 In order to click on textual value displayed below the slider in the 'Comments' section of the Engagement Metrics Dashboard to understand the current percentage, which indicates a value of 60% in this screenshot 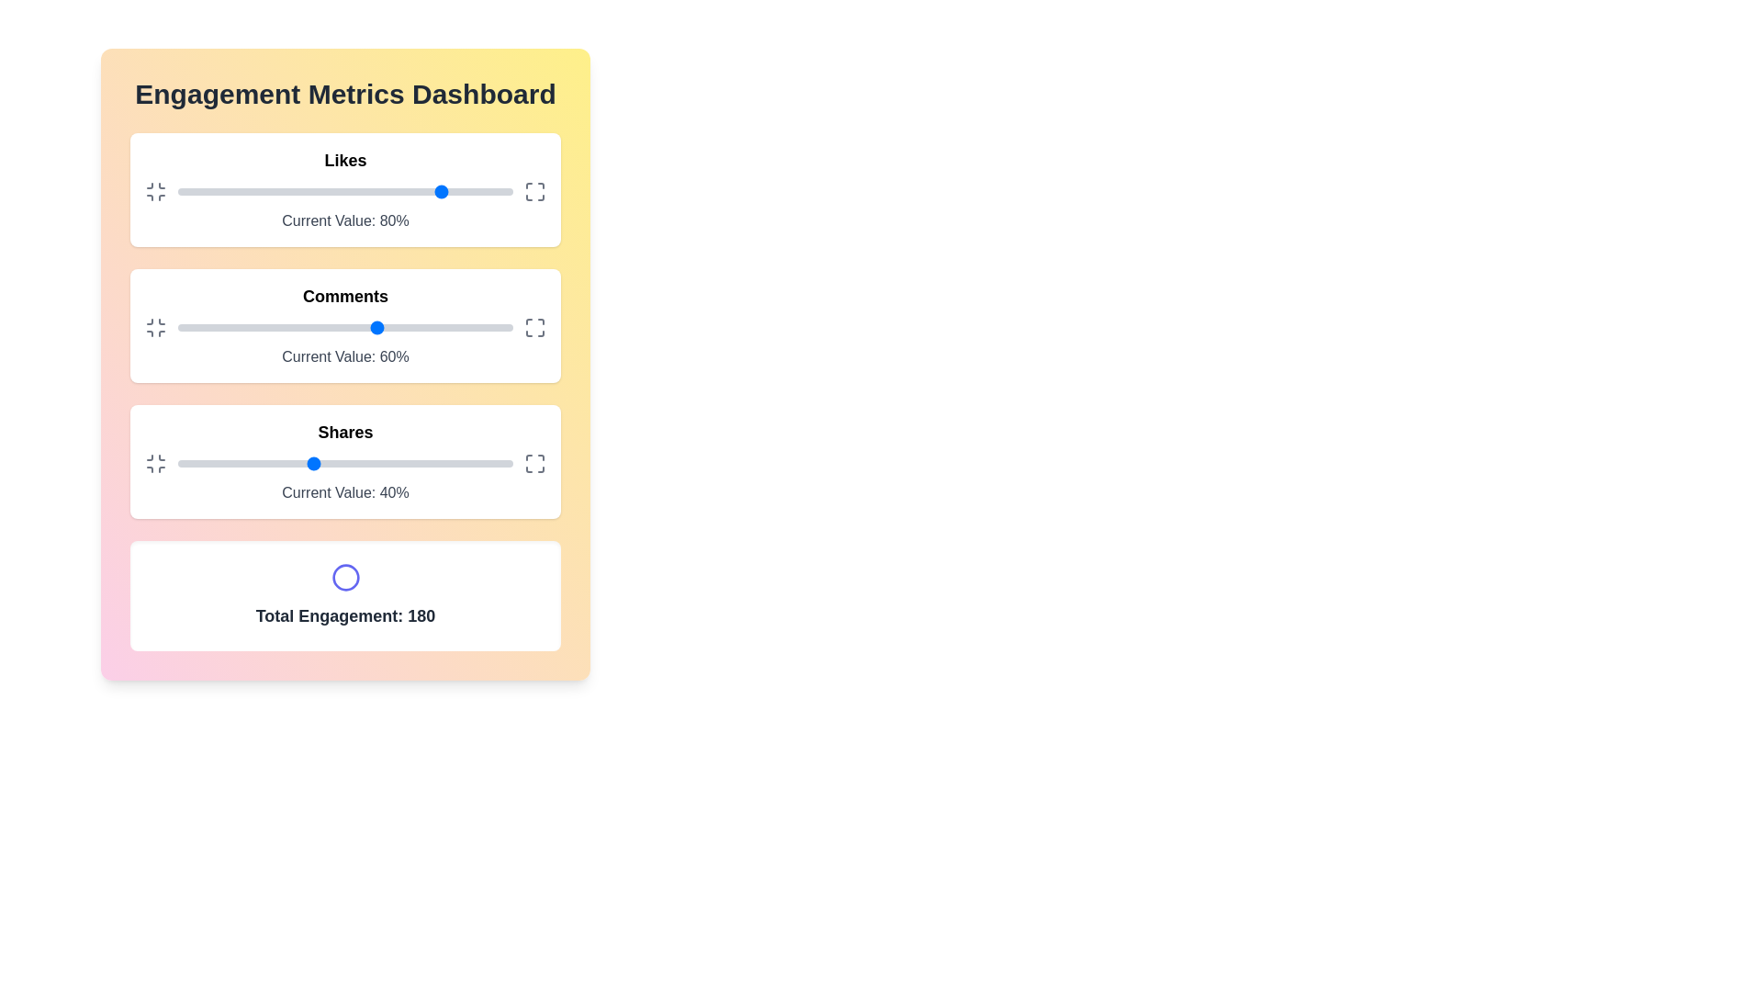, I will do `click(345, 324)`.